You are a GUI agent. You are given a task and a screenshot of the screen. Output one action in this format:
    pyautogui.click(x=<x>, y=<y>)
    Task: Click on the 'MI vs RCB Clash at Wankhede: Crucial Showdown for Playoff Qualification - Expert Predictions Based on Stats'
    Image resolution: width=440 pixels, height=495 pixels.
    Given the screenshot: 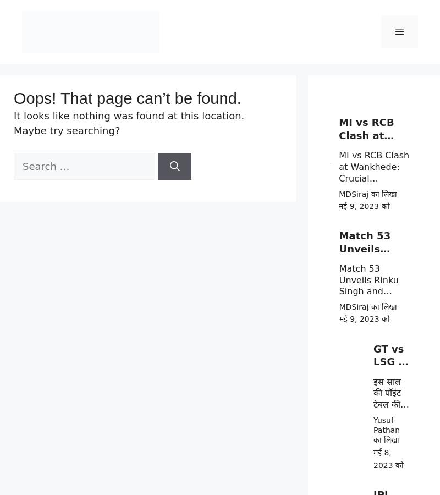 What is the action you would take?
    pyautogui.click(x=374, y=201)
    